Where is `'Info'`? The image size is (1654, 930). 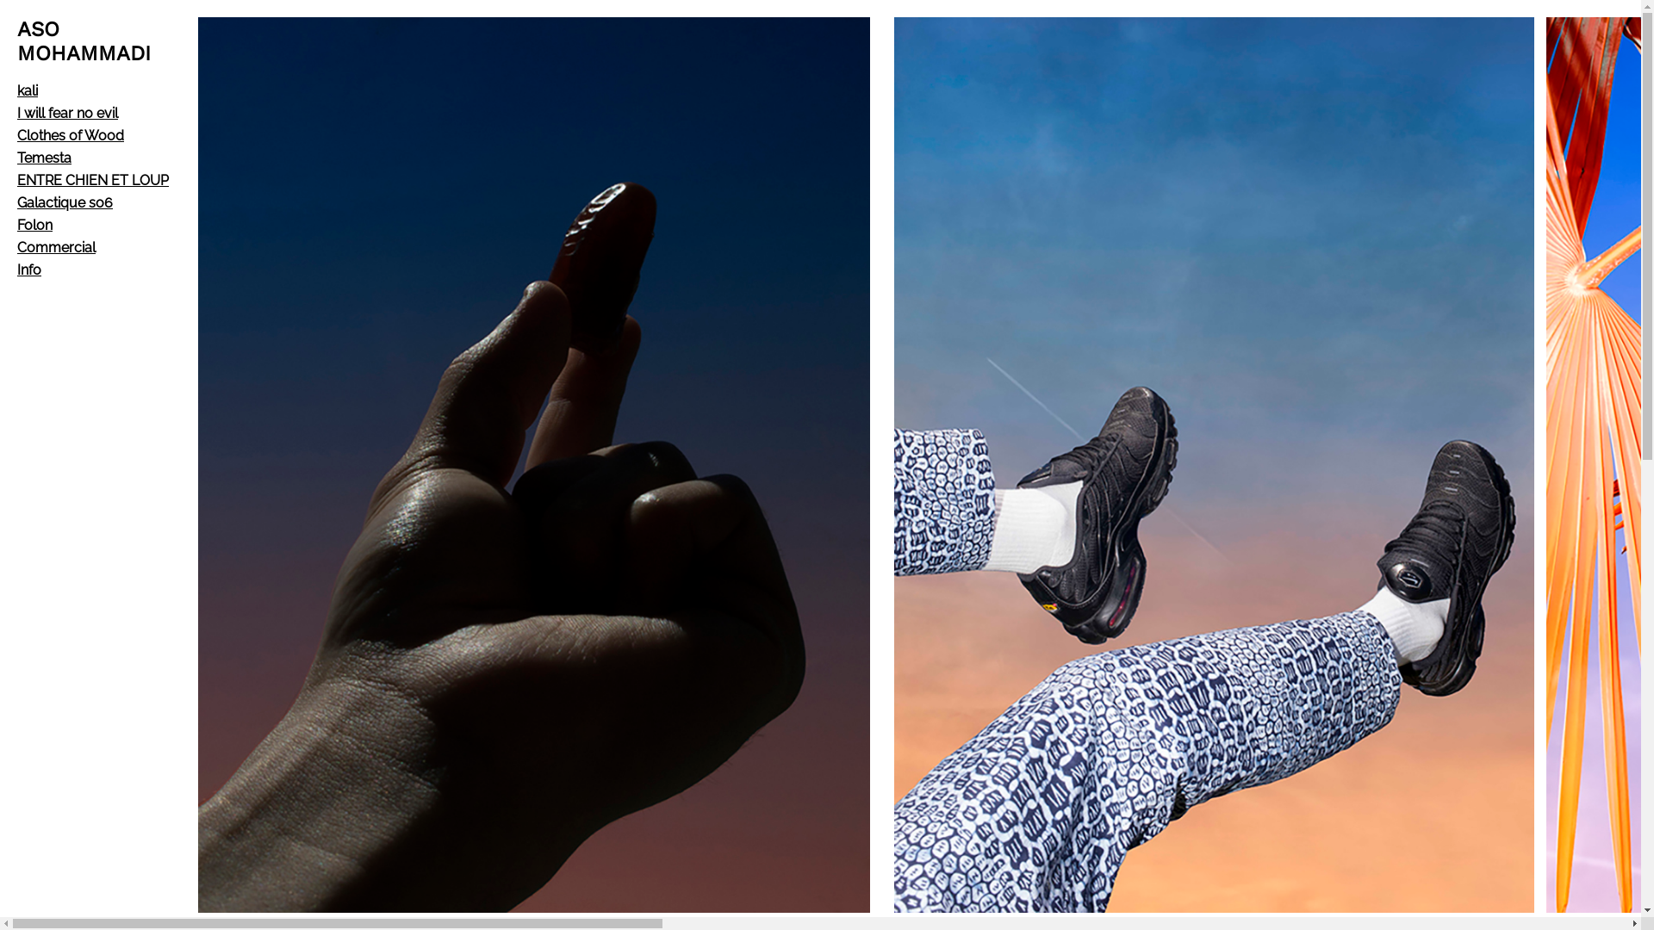
'Info' is located at coordinates (16, 270).